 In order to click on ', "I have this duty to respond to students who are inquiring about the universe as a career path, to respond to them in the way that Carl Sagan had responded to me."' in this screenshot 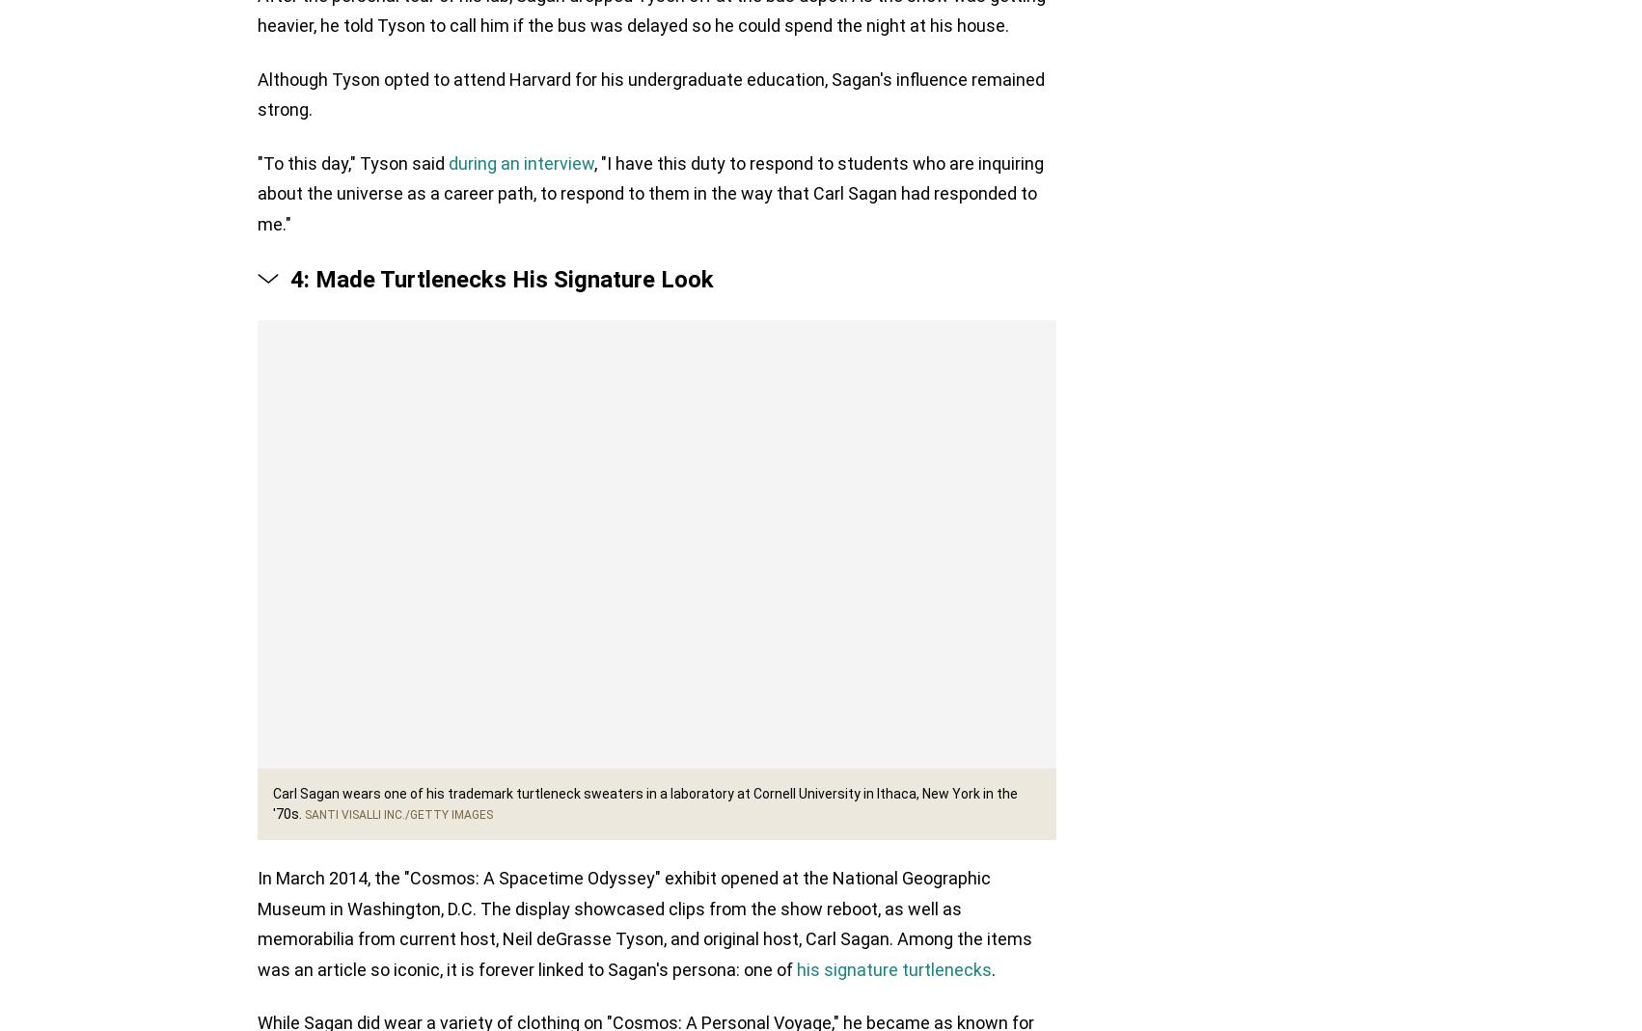, I will do `click(257, 195)`.